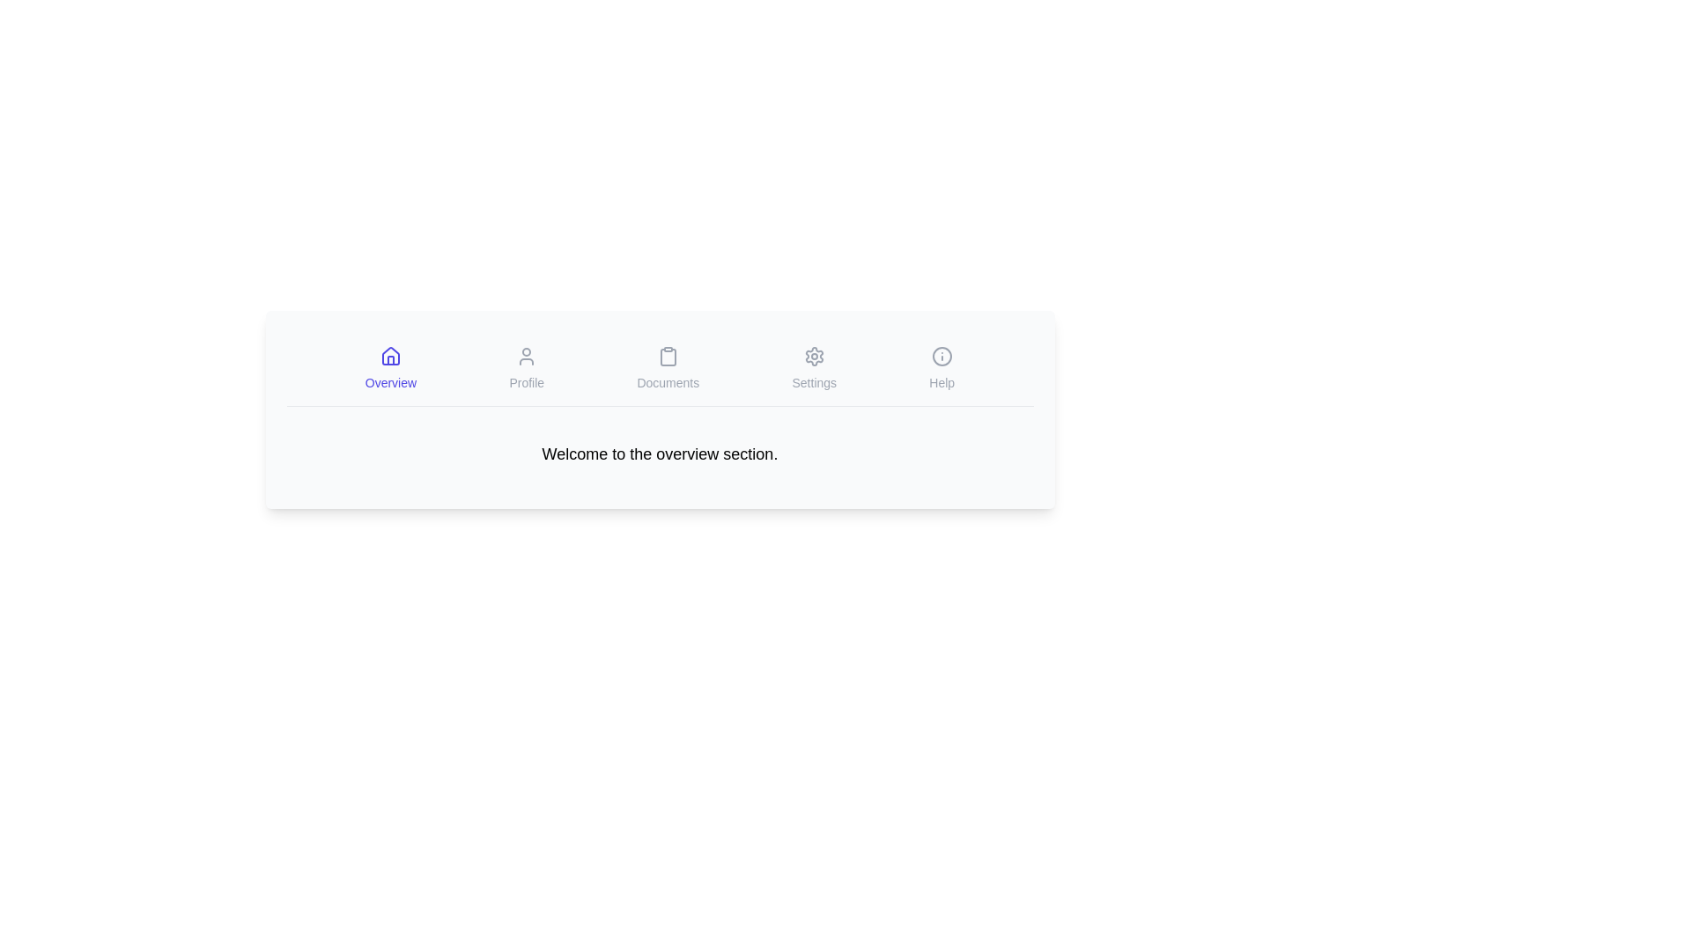 The width and height of the screenshot is (1691, 951). I want to click on the settings icon located at the top middle of the interface, so click(813, 357).